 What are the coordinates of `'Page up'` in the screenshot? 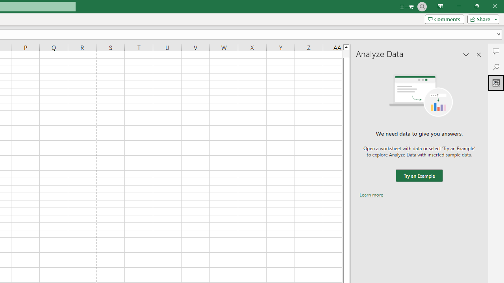 It's located at (346, 53).